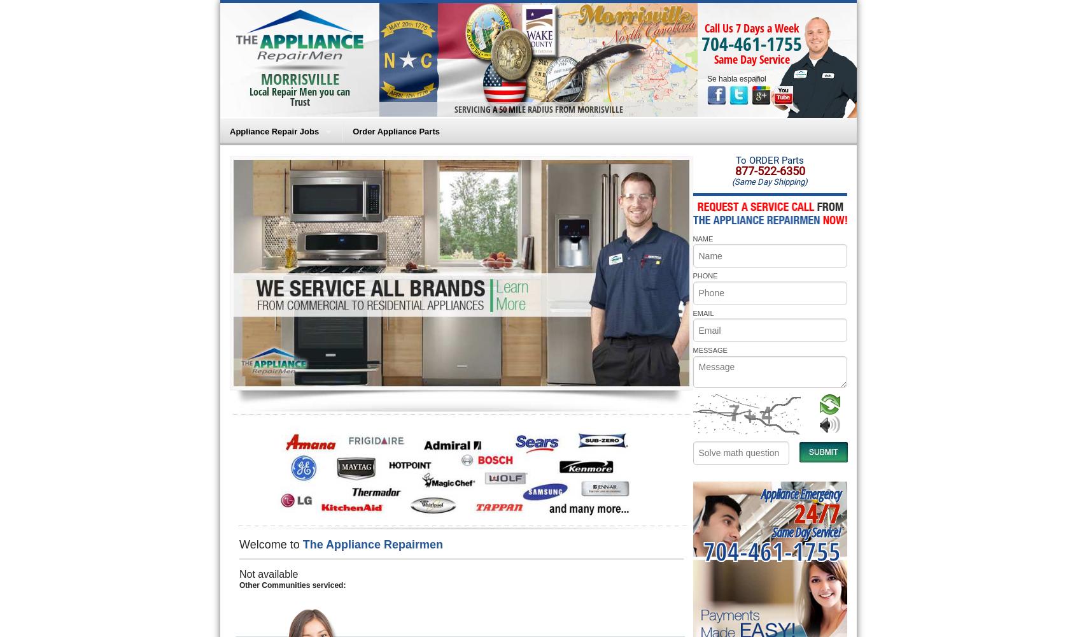 The height and width of the screenshot is (637, 1077). Describe the element at coordinates (806, 531) in the screenshot. I see `'Same Day Service!'` at that location.